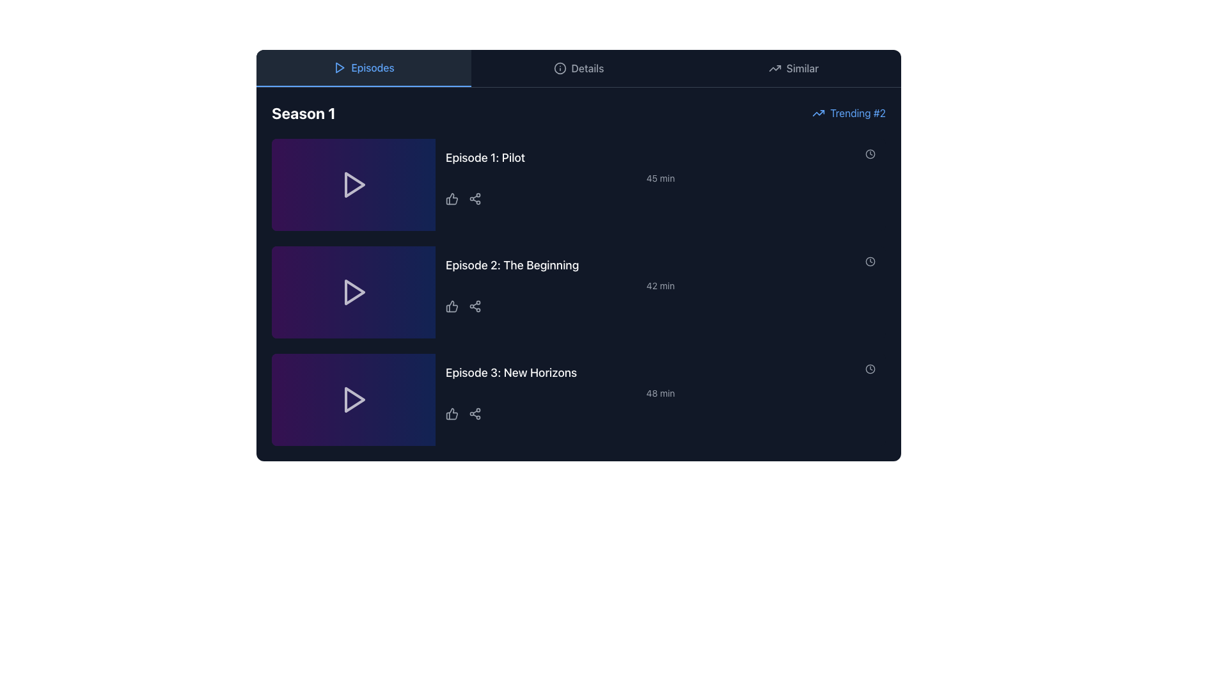 The image size is (1228, 691). Describe the element at coordinates (353, 185) in the screenshot. I see `the play button represented by a triangular shape with a light-colored outline on a dark purple background, located in the first item of the list labeled 'Season 1'` at that location.